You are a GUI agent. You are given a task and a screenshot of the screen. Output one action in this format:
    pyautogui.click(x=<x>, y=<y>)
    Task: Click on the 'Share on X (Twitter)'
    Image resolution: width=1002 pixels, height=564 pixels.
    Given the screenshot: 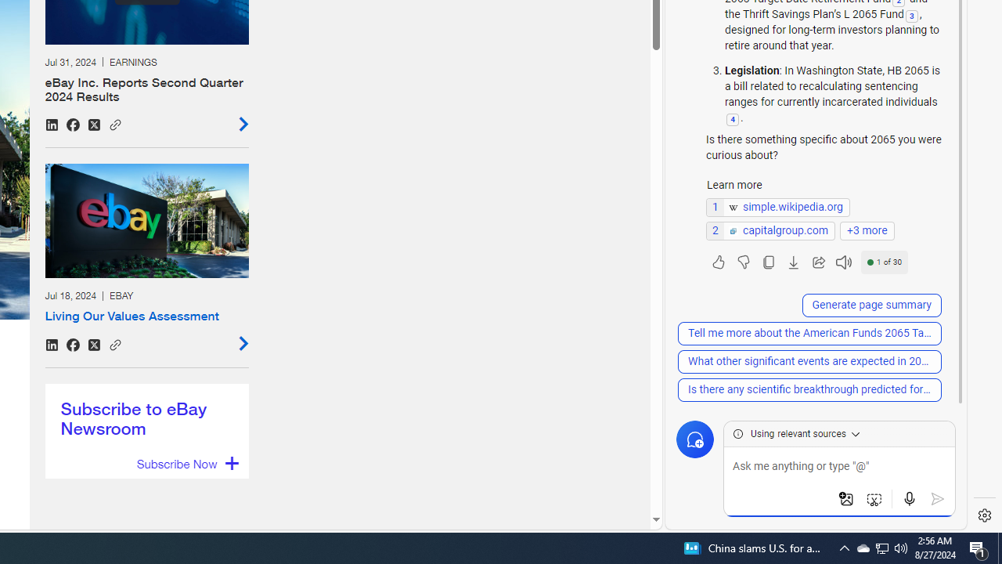 What is the action you would take?
    pyautogui.click(x=93, y=344)
    